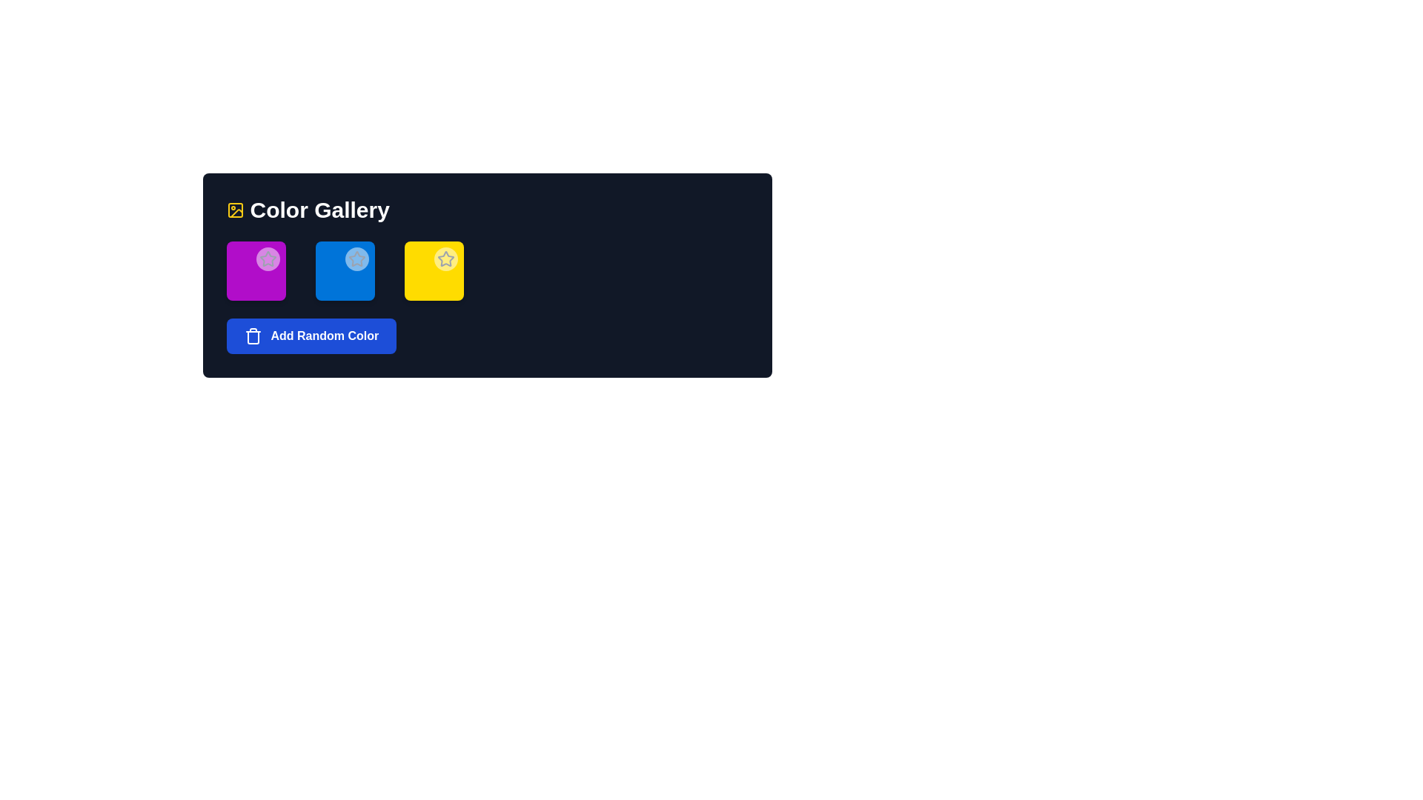 The height and width of the screenshot is (800, 1423). What do you see at coordinates (356, 258) in the screenshot?
I see `the star icon located on the blue square box to mark or unmark the associated item in the gallery as a favorite` at bounding box center [356, 258].